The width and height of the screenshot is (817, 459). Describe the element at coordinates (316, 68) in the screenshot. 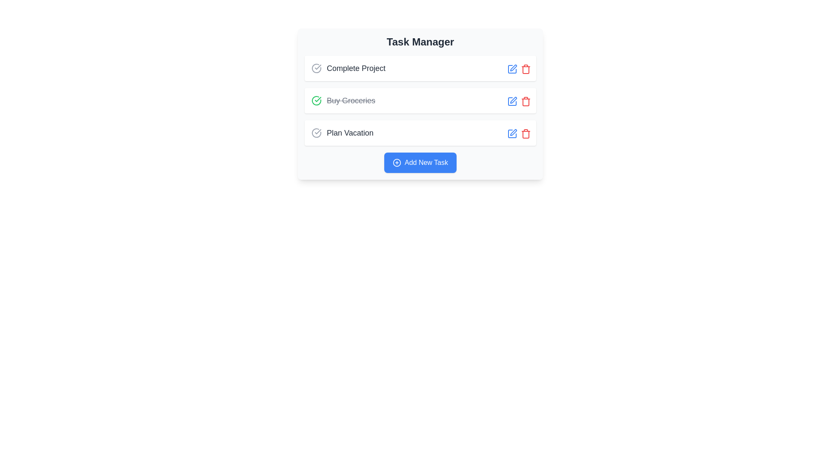

I see `the completion status icon located at the top left of the 'Complete Project' task entry` at that location.